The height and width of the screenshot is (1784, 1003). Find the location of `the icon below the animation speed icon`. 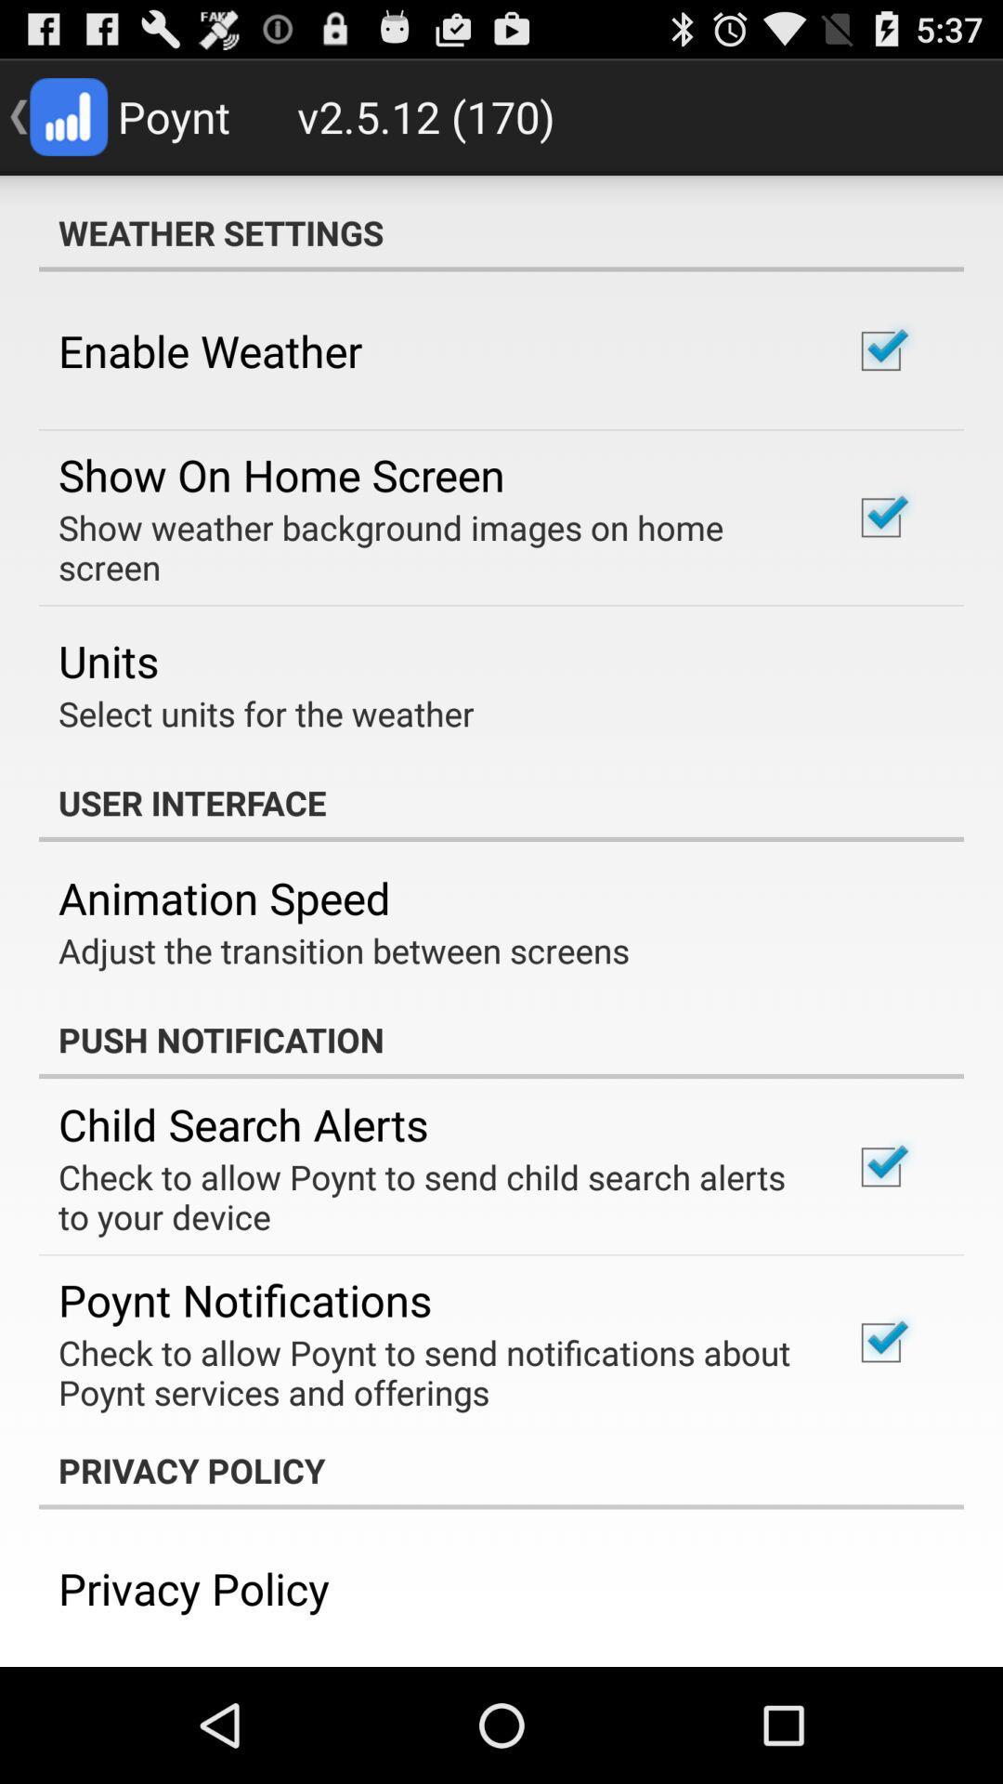

the icon below the animation speed icon is located at coordinates (344, 950).